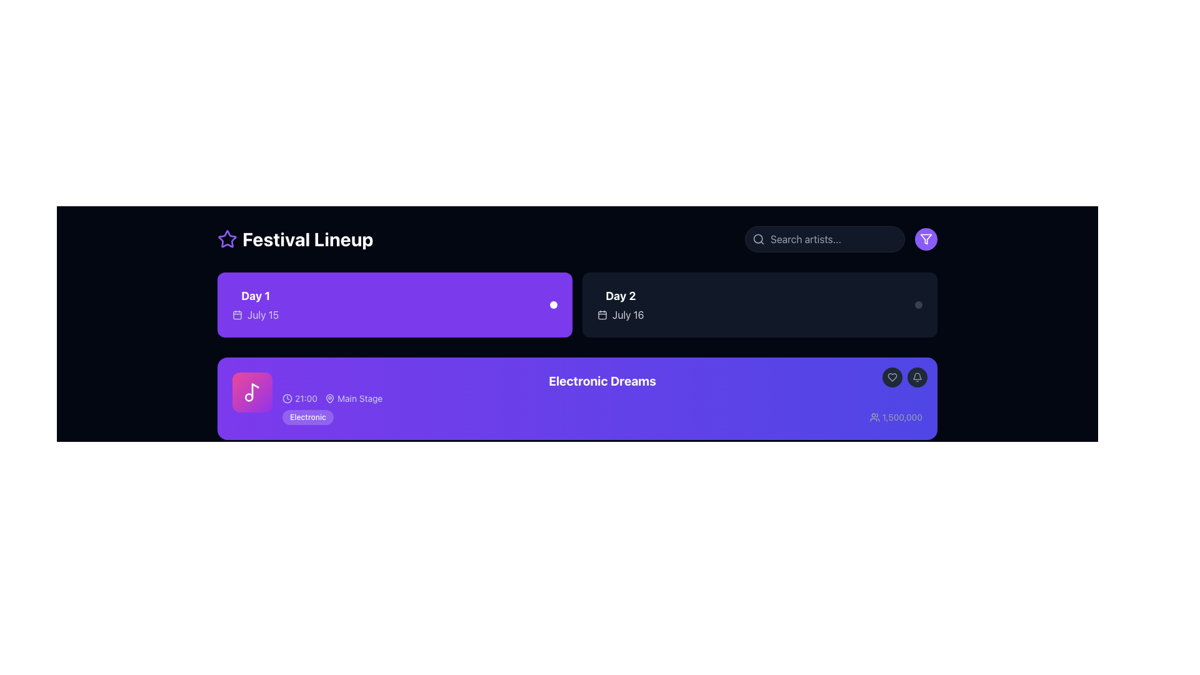 This screenshot has height=675, width=1200. Describe the element at coordinates (287, 398) in the screenshot. I see `the clock icon element located to the left of the time '21:00' in the bottom left part of the event card` at that location.